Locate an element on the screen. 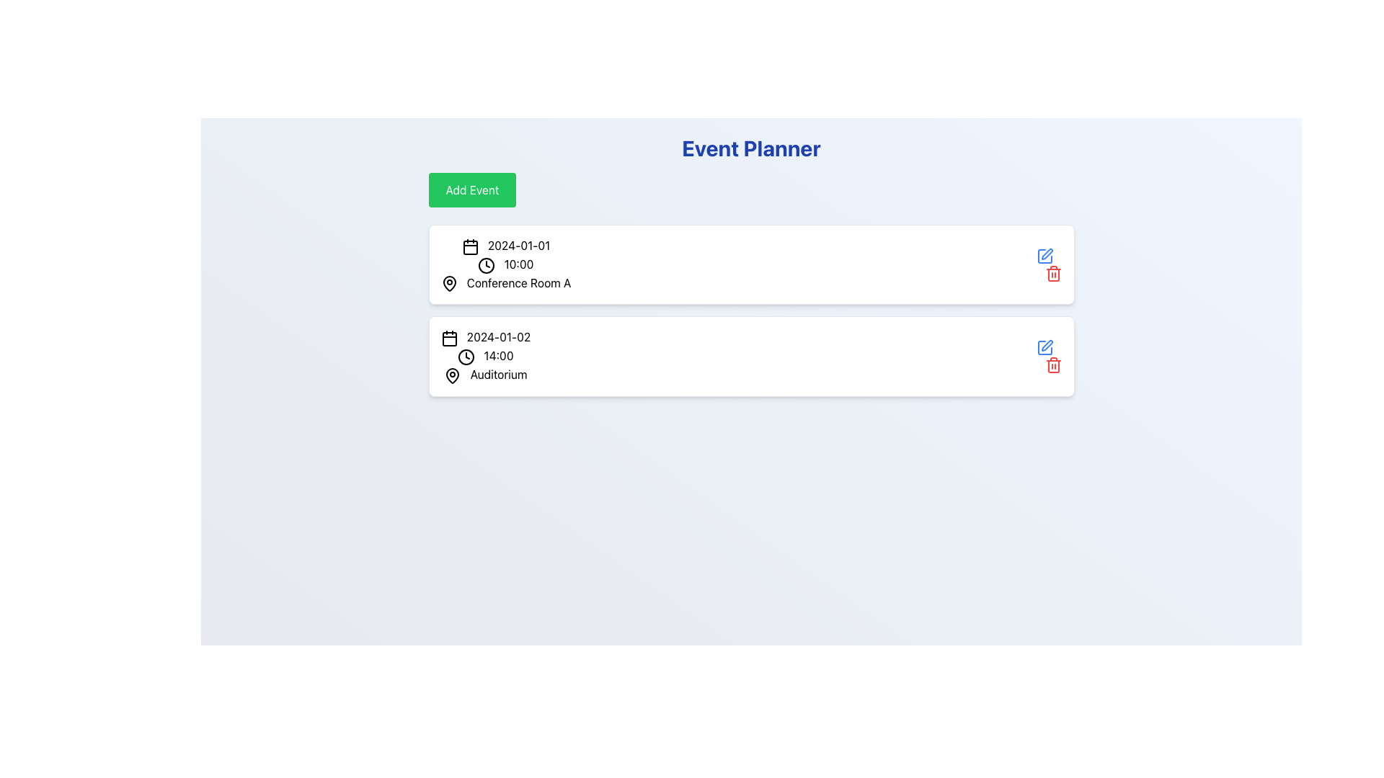 The image size is (1384, 778). the text and icon label displaying the time '14:00' in the second event card, located below the date '2024-01-02' and above the location 'Auditorium' is located at coordinates (485, 357).